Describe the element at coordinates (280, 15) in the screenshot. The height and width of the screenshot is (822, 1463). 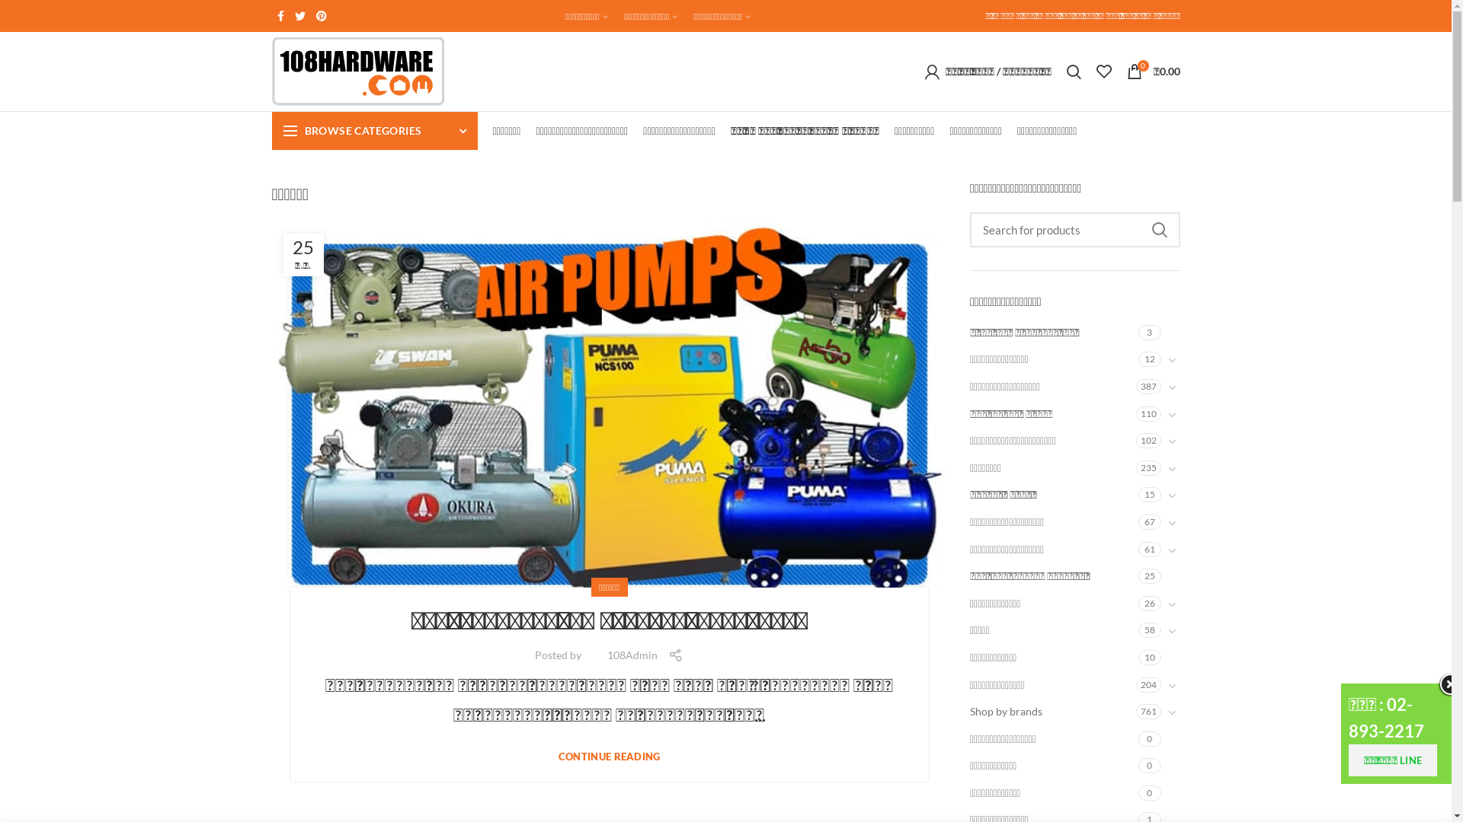
I see `'Facebook'` at that location.